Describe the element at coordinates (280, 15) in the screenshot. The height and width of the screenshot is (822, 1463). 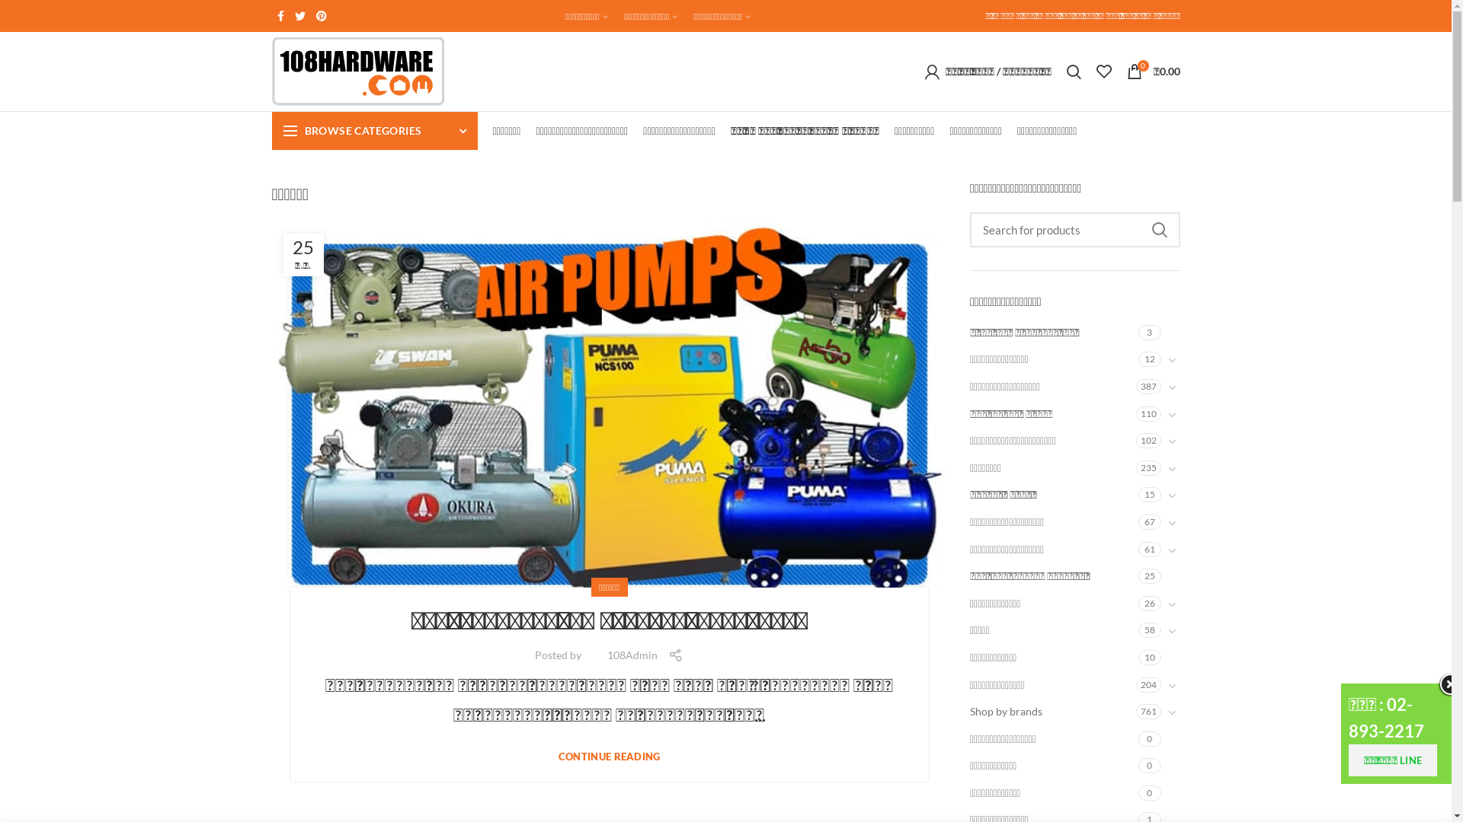
I see `'Facebook'` at that location.